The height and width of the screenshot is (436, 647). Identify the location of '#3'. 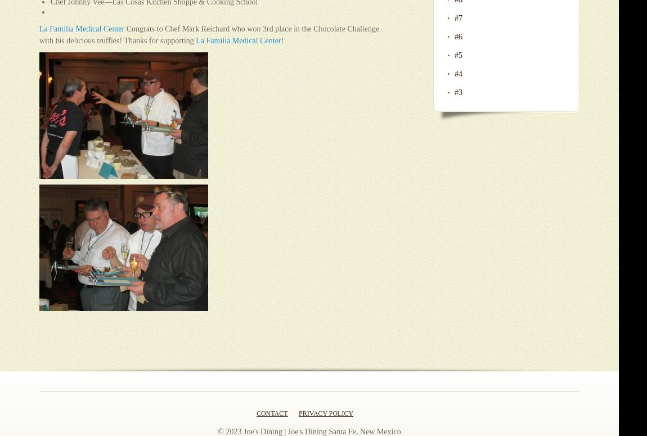
(458, 92).